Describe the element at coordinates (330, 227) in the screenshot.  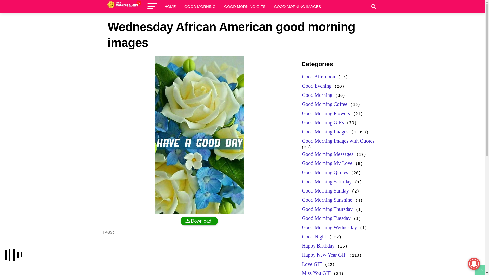
I see `'Good Morning Wednesday'` at that location.